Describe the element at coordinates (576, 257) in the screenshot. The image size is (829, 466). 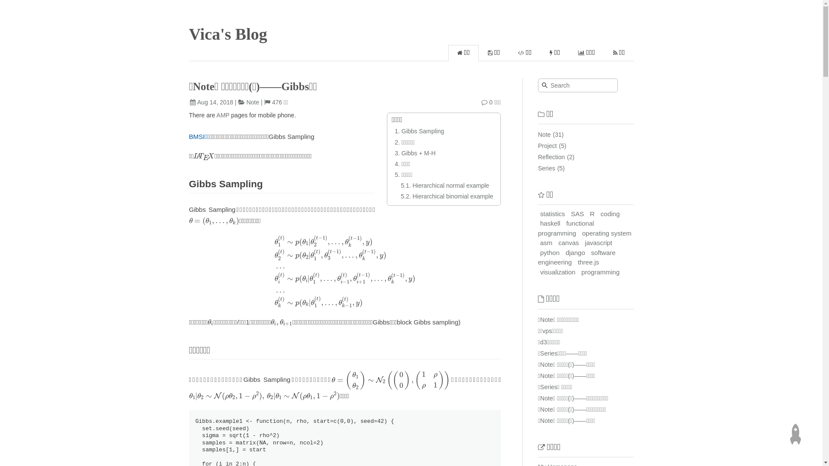
I see `'software engineering'` at that location.